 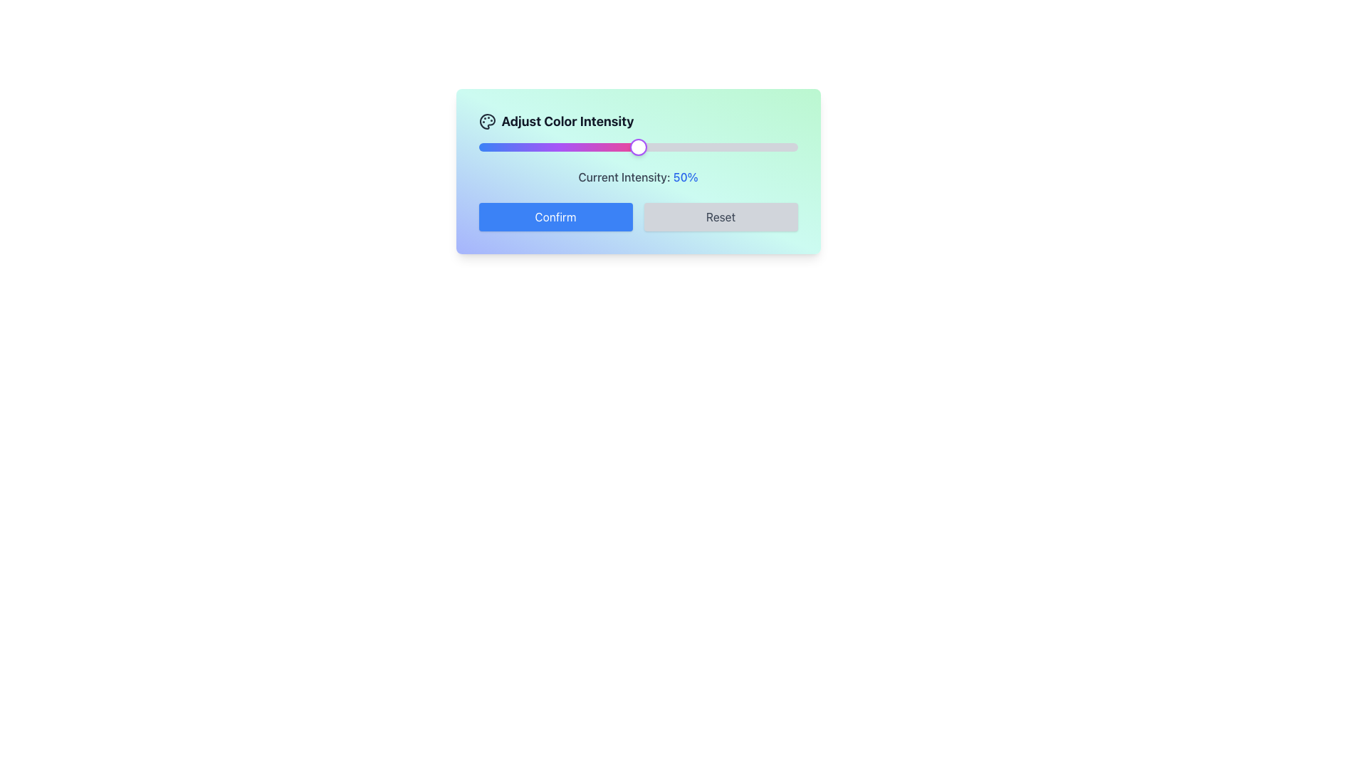 I want to click on the color intensity, so click(x=705, y=147).